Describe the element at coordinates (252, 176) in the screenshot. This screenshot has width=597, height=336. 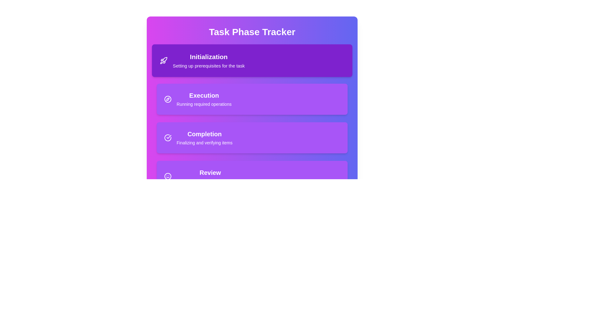
I see `the informational card that summarizes the 'Review' phase with the description 'Assessing outcomes and learnings'. It is the last card in the Task Phase Tracker group, located below the 'Completion' card` at that location.